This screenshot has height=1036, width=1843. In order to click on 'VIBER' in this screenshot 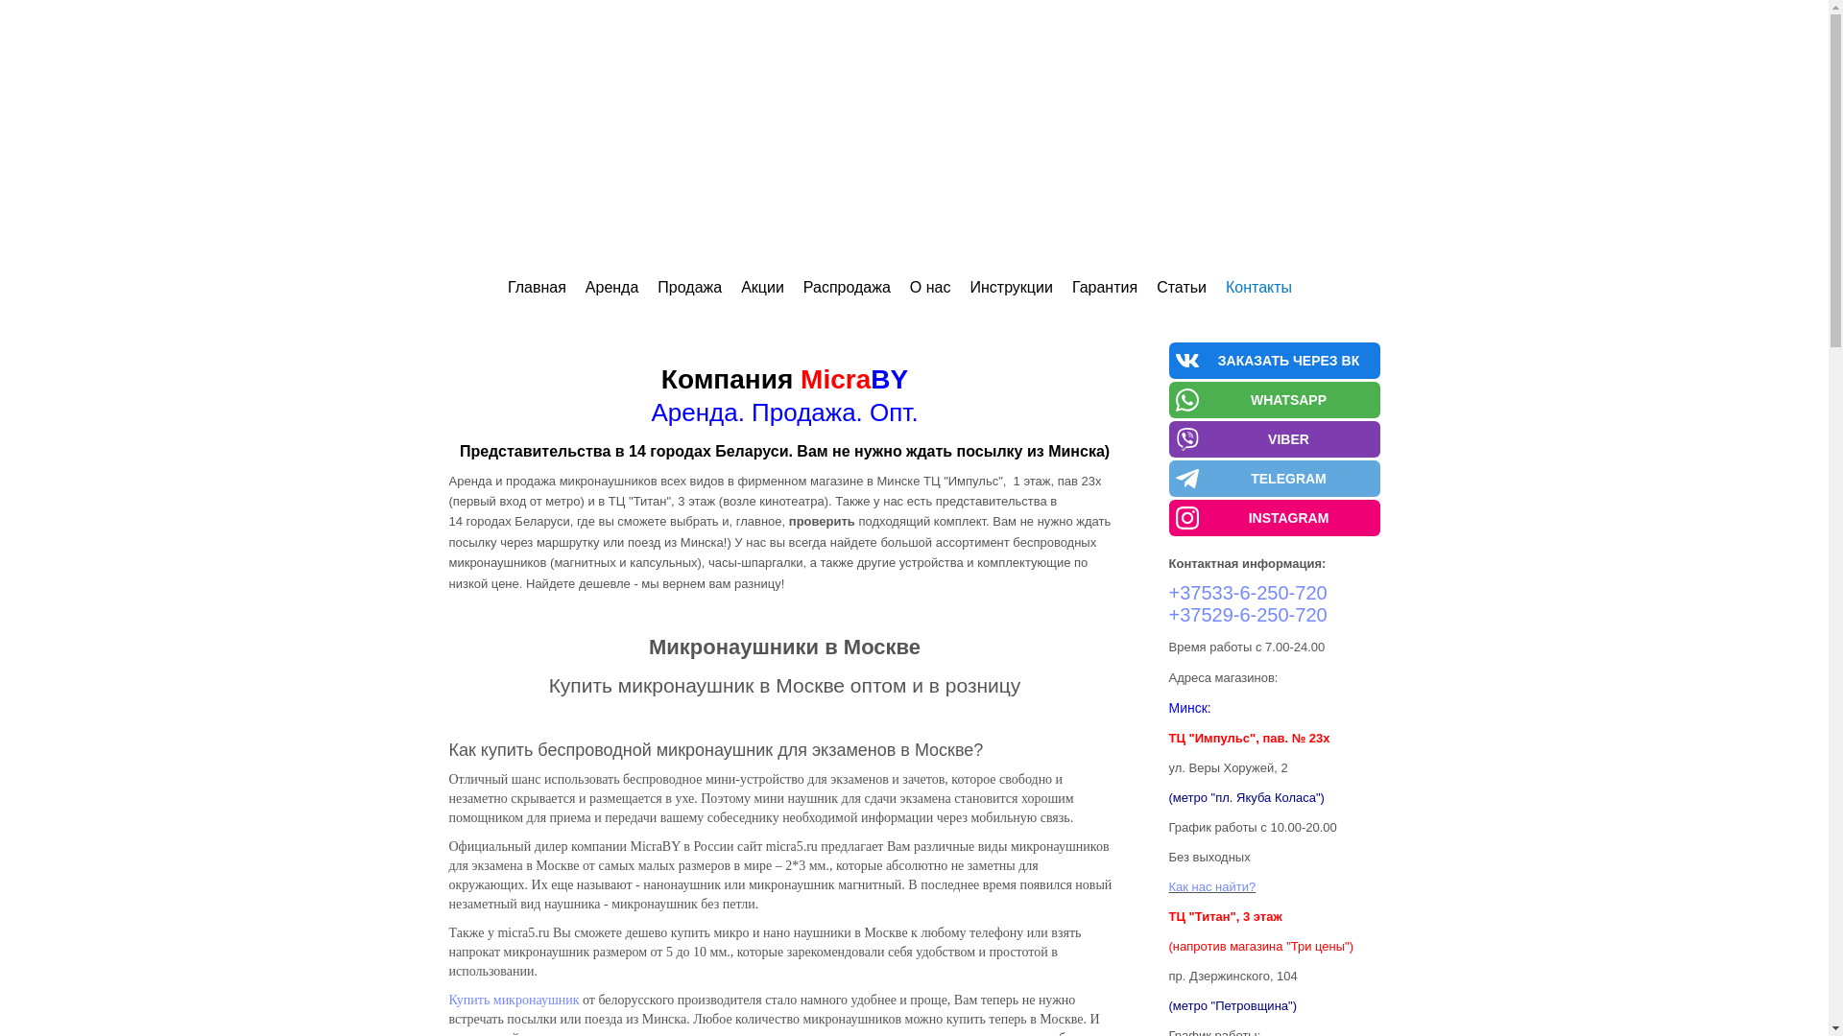, I will do `click(1275, 439)`.